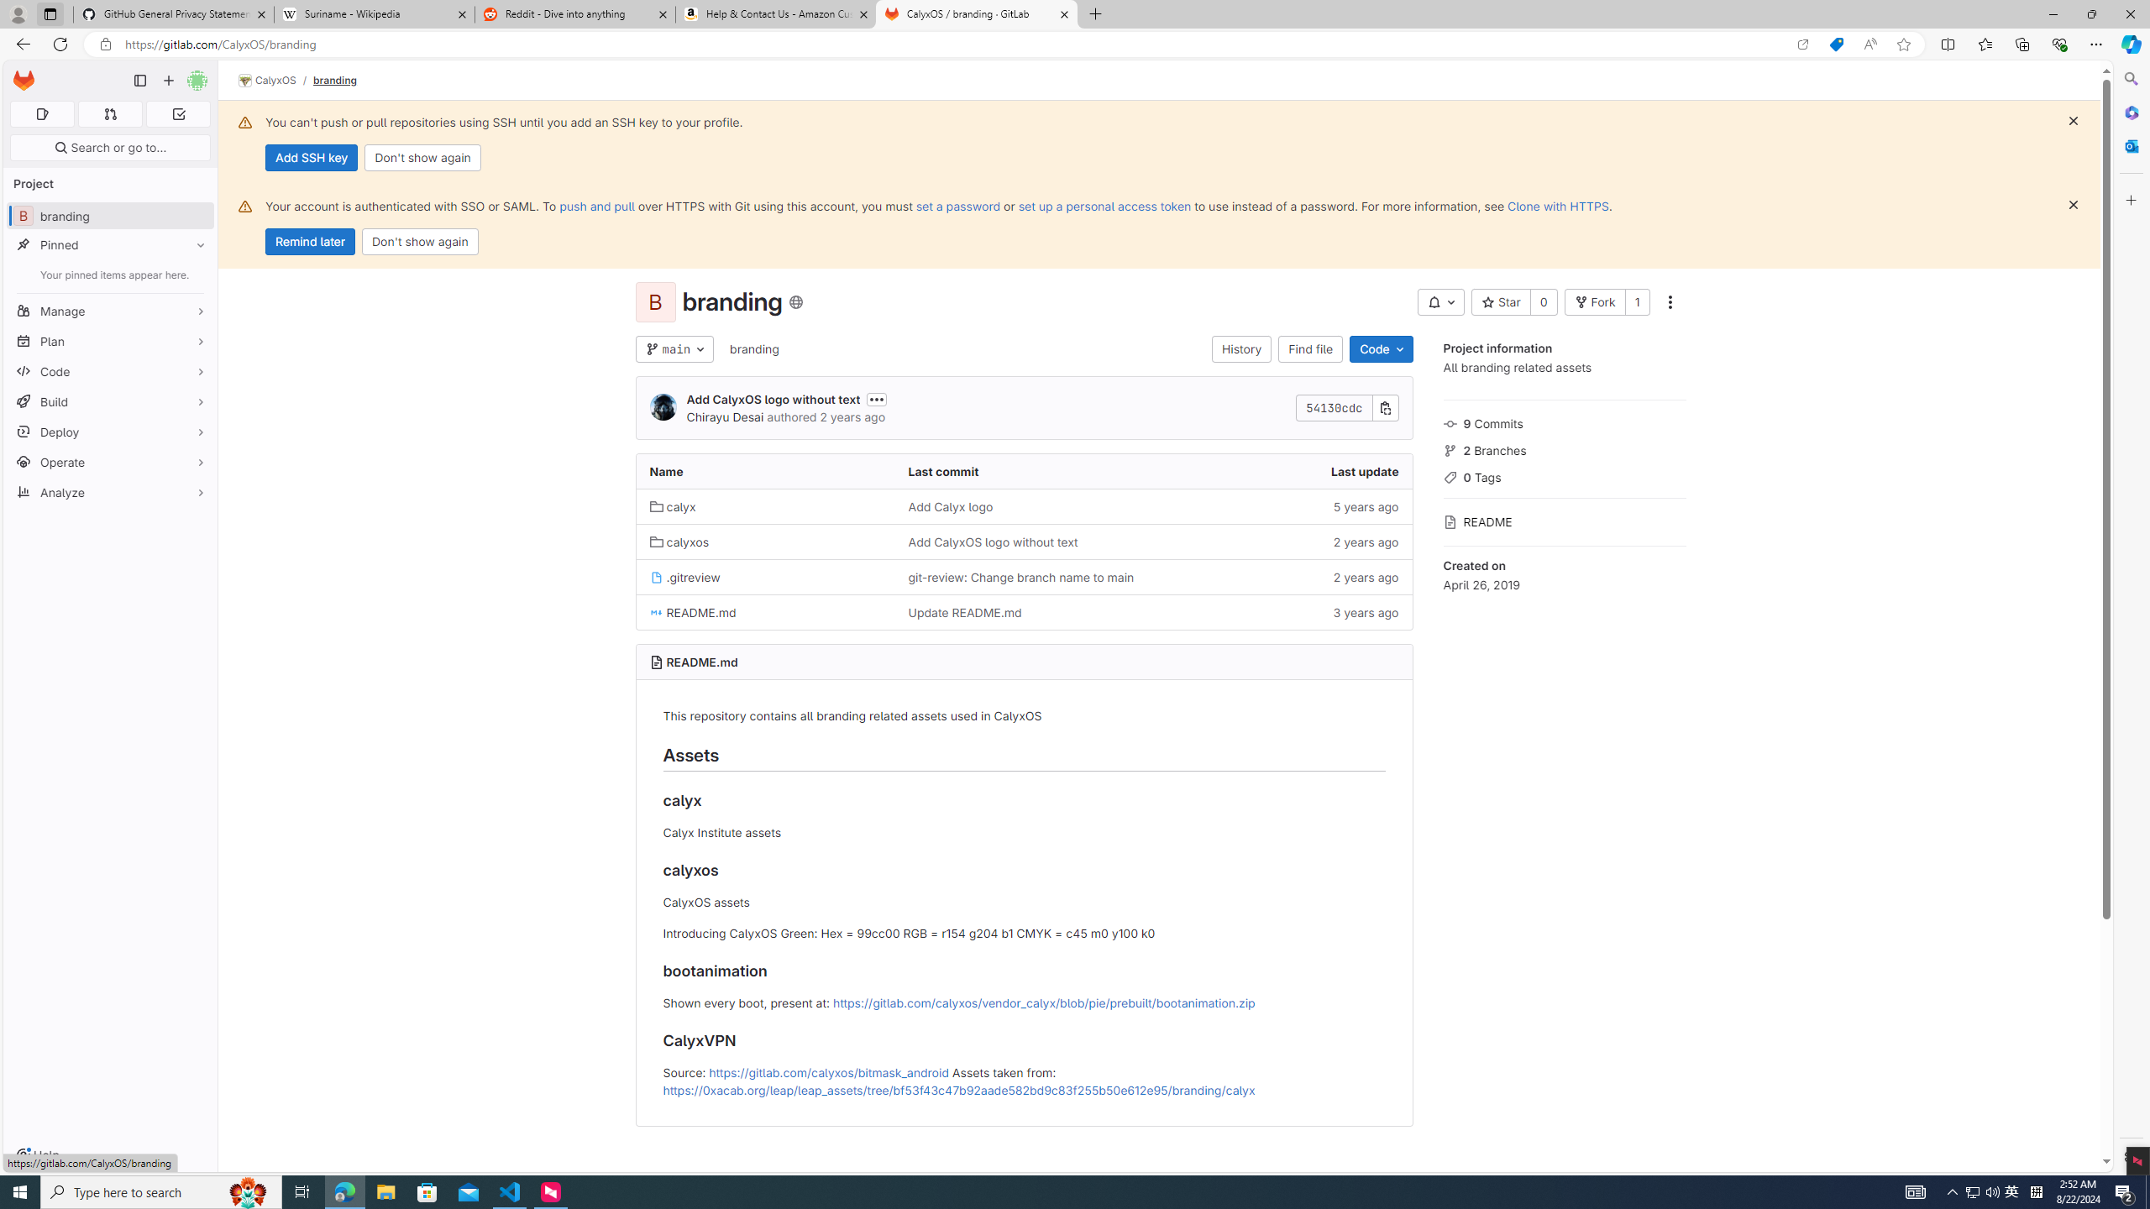  I want to click on '2 Branches', so click(1564, 447).